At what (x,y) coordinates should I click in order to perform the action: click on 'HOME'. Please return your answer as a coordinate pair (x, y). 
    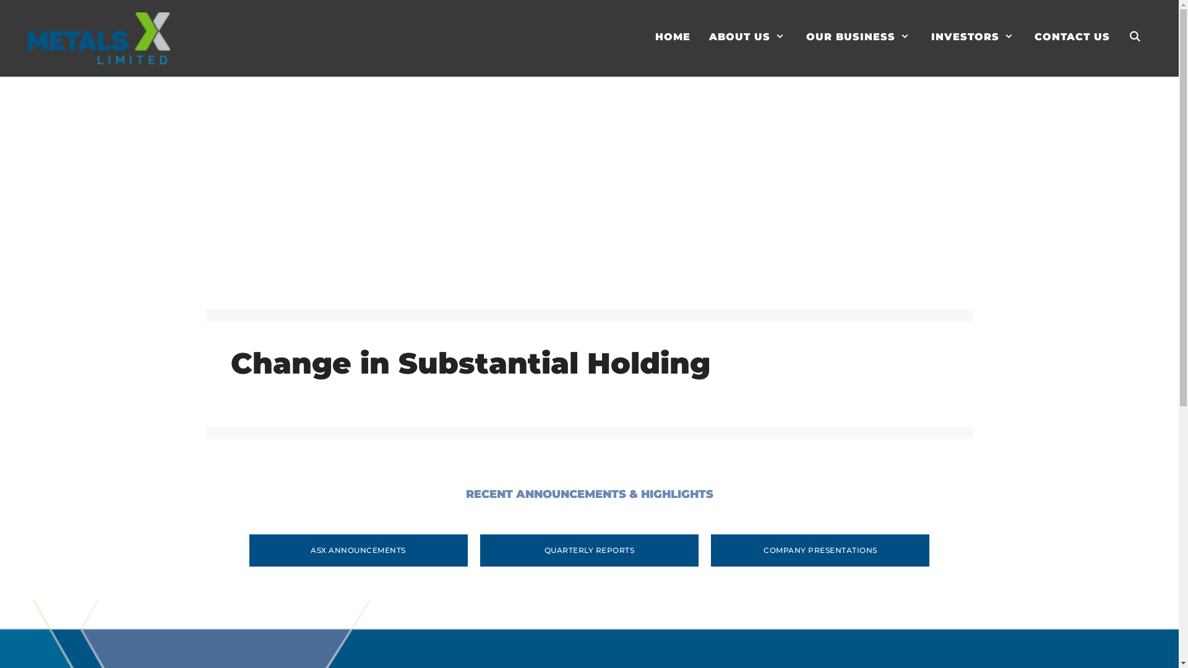
    Looking at the image, I should click on (672, 36).